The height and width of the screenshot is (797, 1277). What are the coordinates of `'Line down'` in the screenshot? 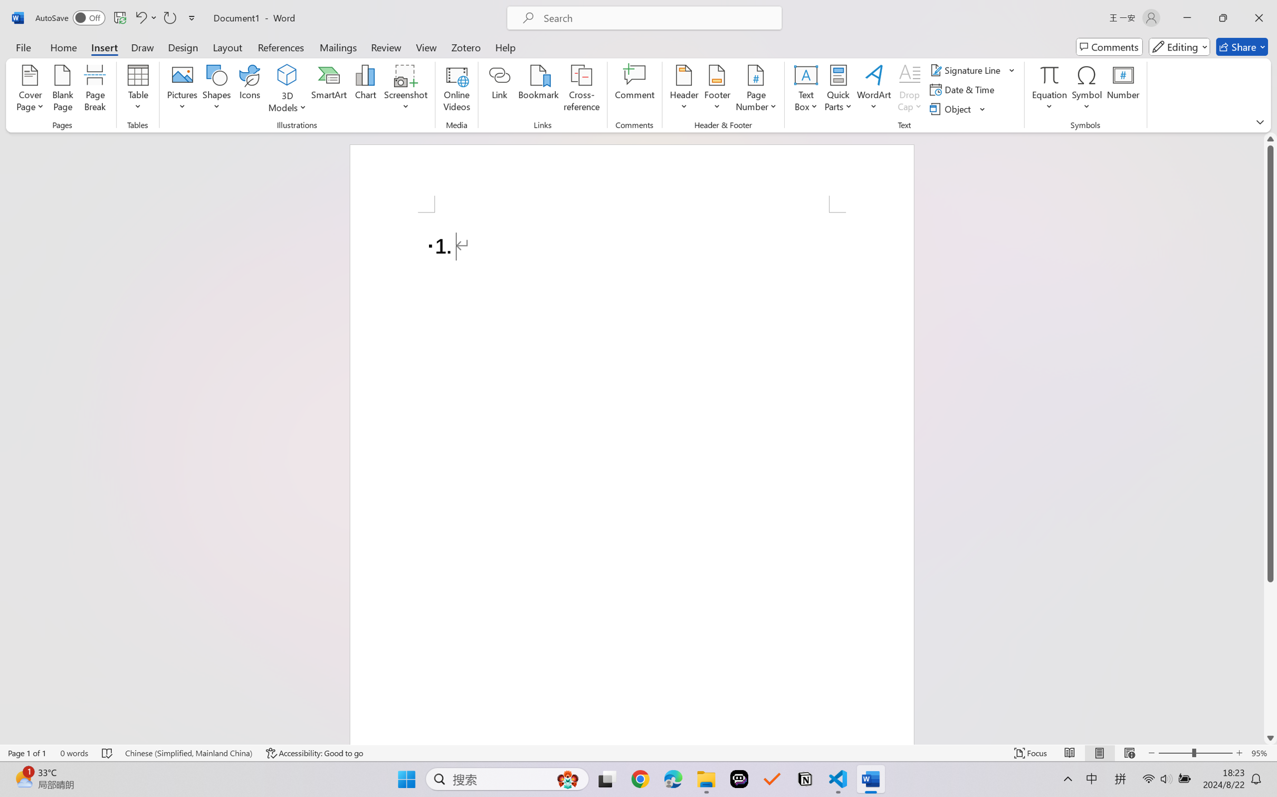 It's located at (1270, 737).